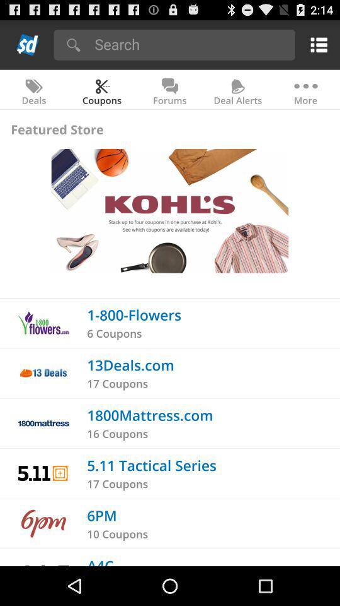 The image size is (340, 606). Describe the element at coordinates (190, 44) in the screenshot. I see `my search objective` at that location.